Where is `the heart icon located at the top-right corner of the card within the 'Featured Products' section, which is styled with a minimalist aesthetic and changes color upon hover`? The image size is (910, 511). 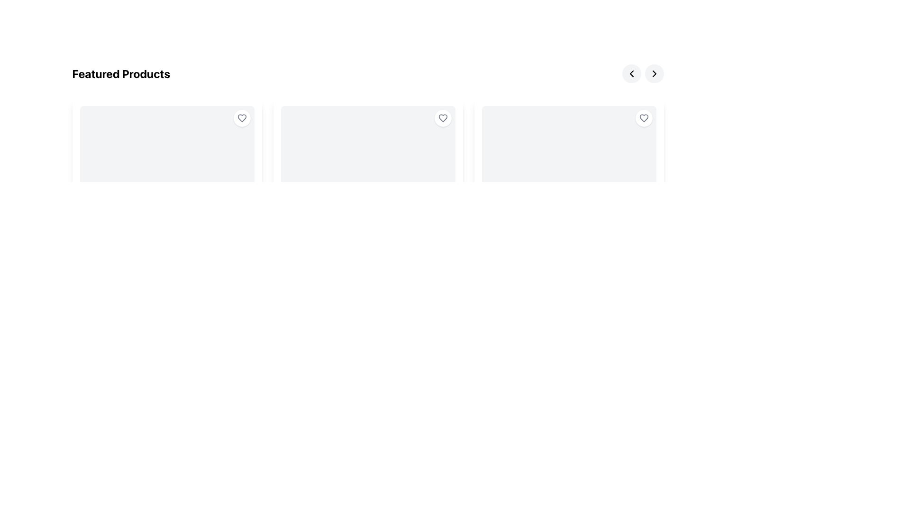
the heart icon located at the top-right corner of the card within the 'Featured Products' section, which is styled with a minimalist aesthetic and changes color upon hover is located at coordinates (442, 118).